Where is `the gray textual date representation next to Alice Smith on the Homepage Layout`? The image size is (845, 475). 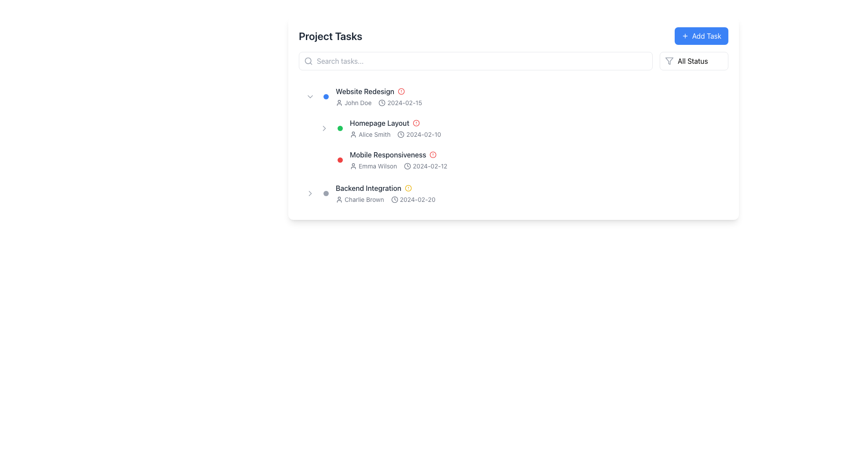 the gray textual date representation next to Alice Smith on the Homepage Layout is located at coordinates (419, 134).